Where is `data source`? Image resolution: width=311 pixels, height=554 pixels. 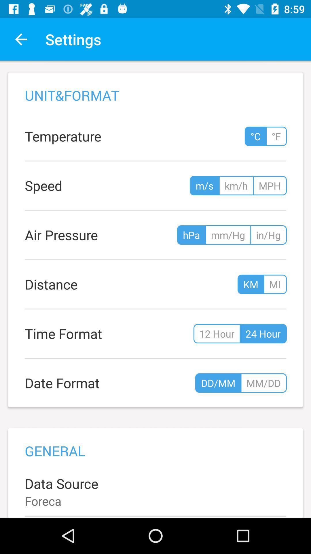
data source is located at coordinates (155, 491).